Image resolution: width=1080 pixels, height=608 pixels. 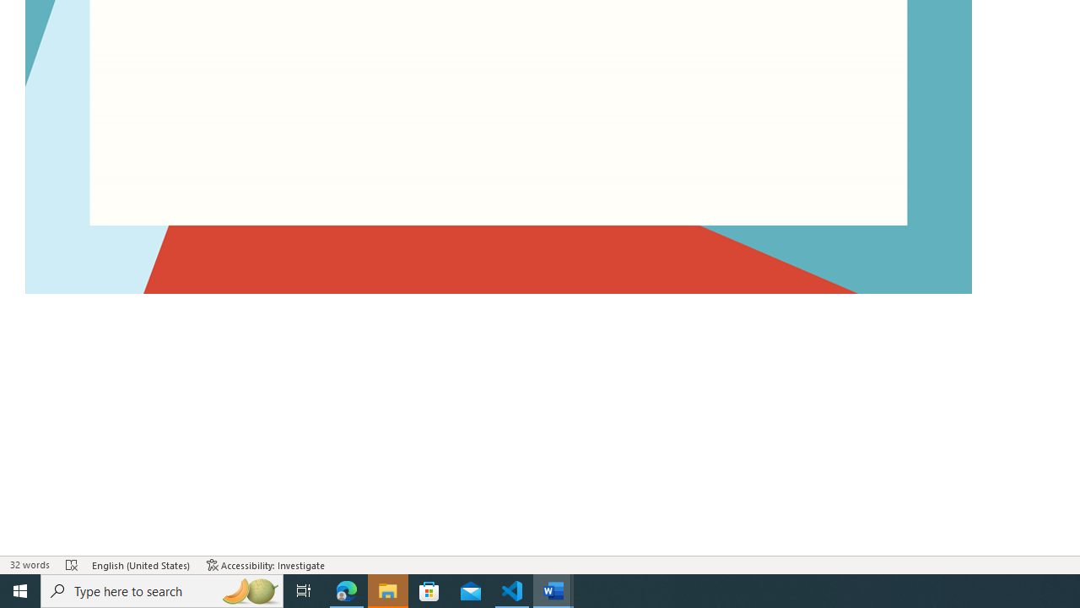 I want to click on 'Spelling and Grammar Check Errors', so click(x=72, y=565).